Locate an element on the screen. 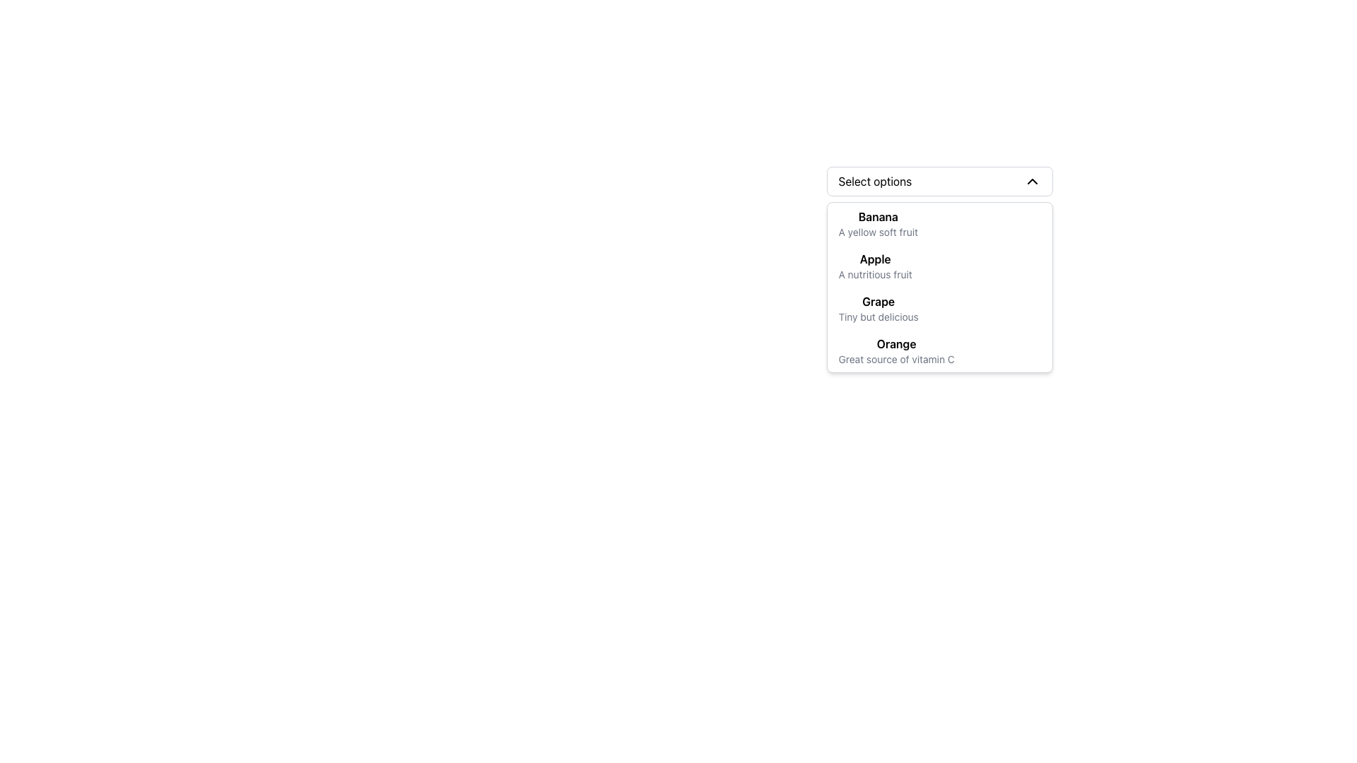  the Text Label that provides additional information about the item 'Orange' in the dropdown, located directly below the bold text 'Orange' is located at coordinates (895, 359).